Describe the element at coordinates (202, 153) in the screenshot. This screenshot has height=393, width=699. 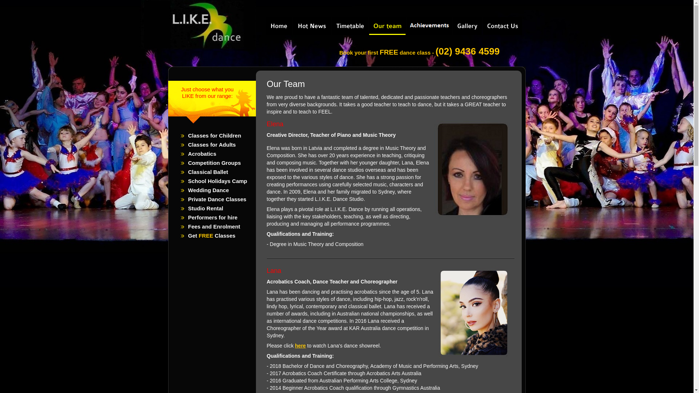
I see `'Acrobatics'` at that location.